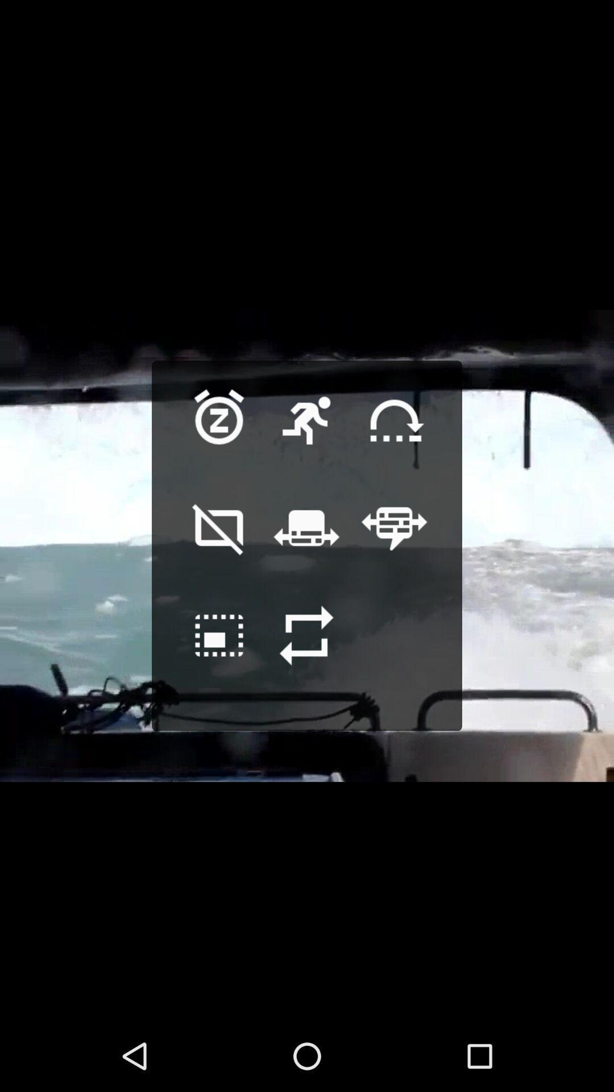  What do you see at coordinates (306, 438) in the screenshot?
I see `running` at bounding box center [306, 438].